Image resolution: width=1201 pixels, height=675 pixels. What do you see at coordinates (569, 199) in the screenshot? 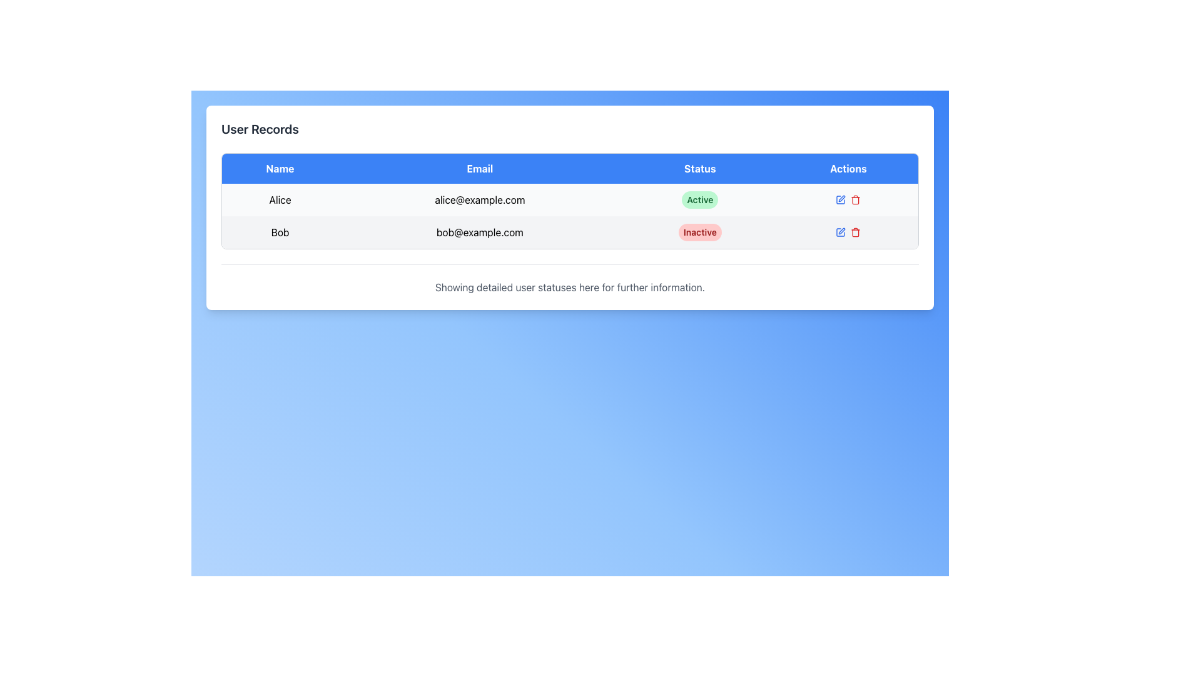
I see `the first user information row in the data table that displays user data including name, email, and account status` at bounding box center [569, 199].